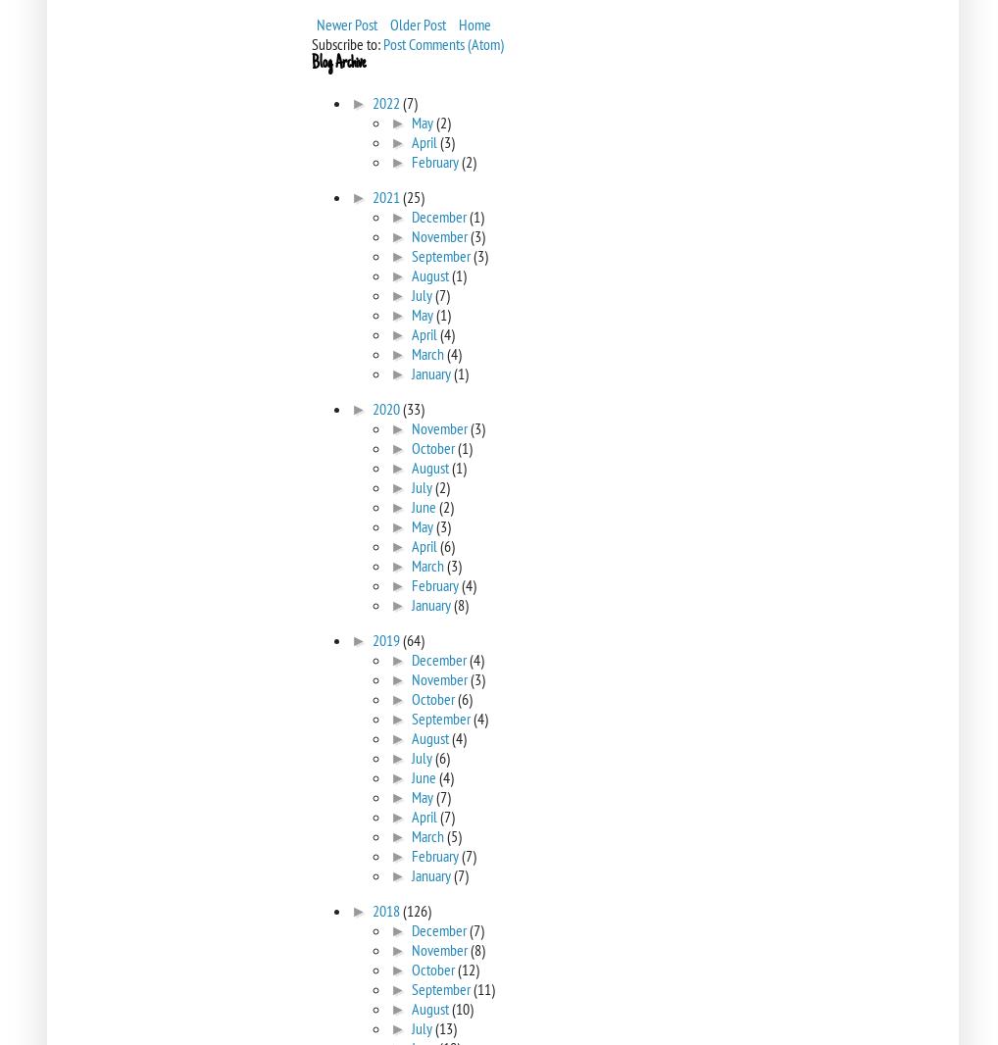 The image size is (998, 1045). What do you see at coordinates (390, 24) in the screenshot?
I see `'Older Post'` at bounding box center [390, 24].